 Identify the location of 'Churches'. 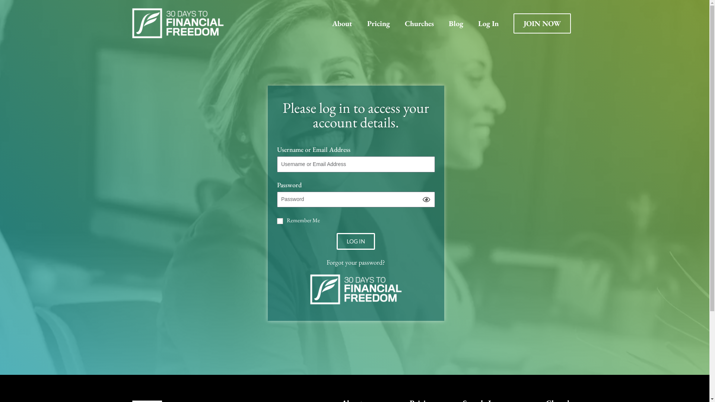
(396, 22).